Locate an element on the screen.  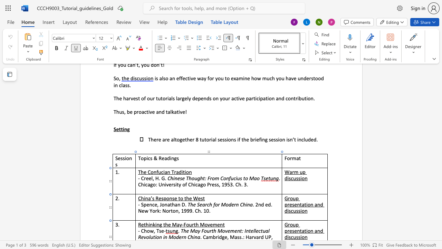
the space between the continuous character "l" and "l" in the text is located at coordinates (254, 231).